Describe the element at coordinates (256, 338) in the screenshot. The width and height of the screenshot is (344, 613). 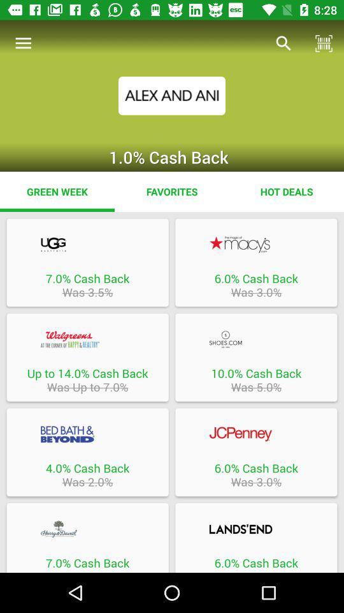
I see `business partner link` at that location.